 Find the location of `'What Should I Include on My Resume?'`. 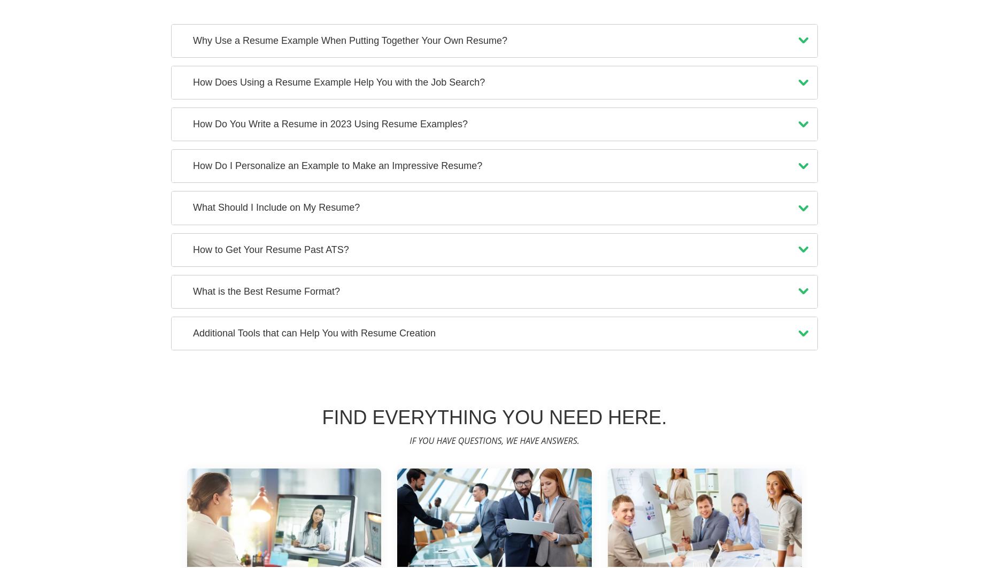

'What Should I Include on My Resume?' is located at coordinates (276, 206).